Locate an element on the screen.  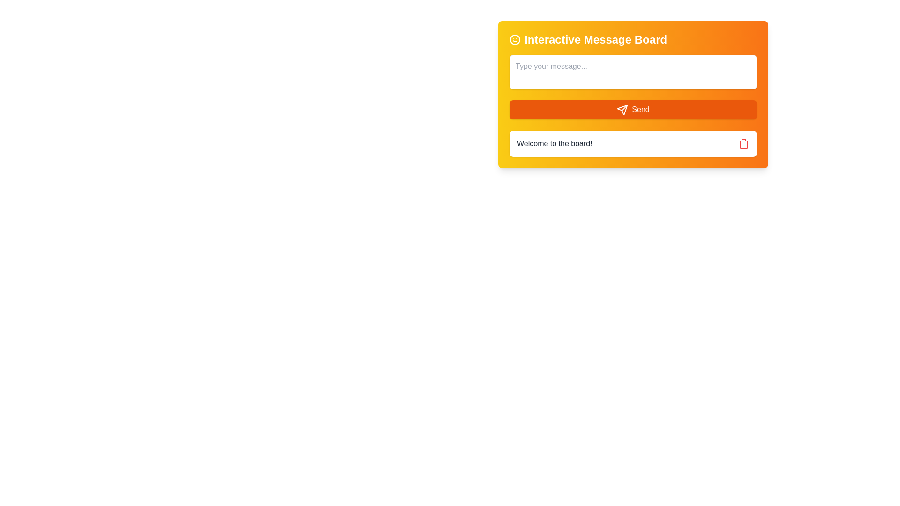
the text label that reads 'Welcome to the board!', which is styled in light gray on a white background and located towards the bottom middle of the interface is located at coordinates (555, 143).